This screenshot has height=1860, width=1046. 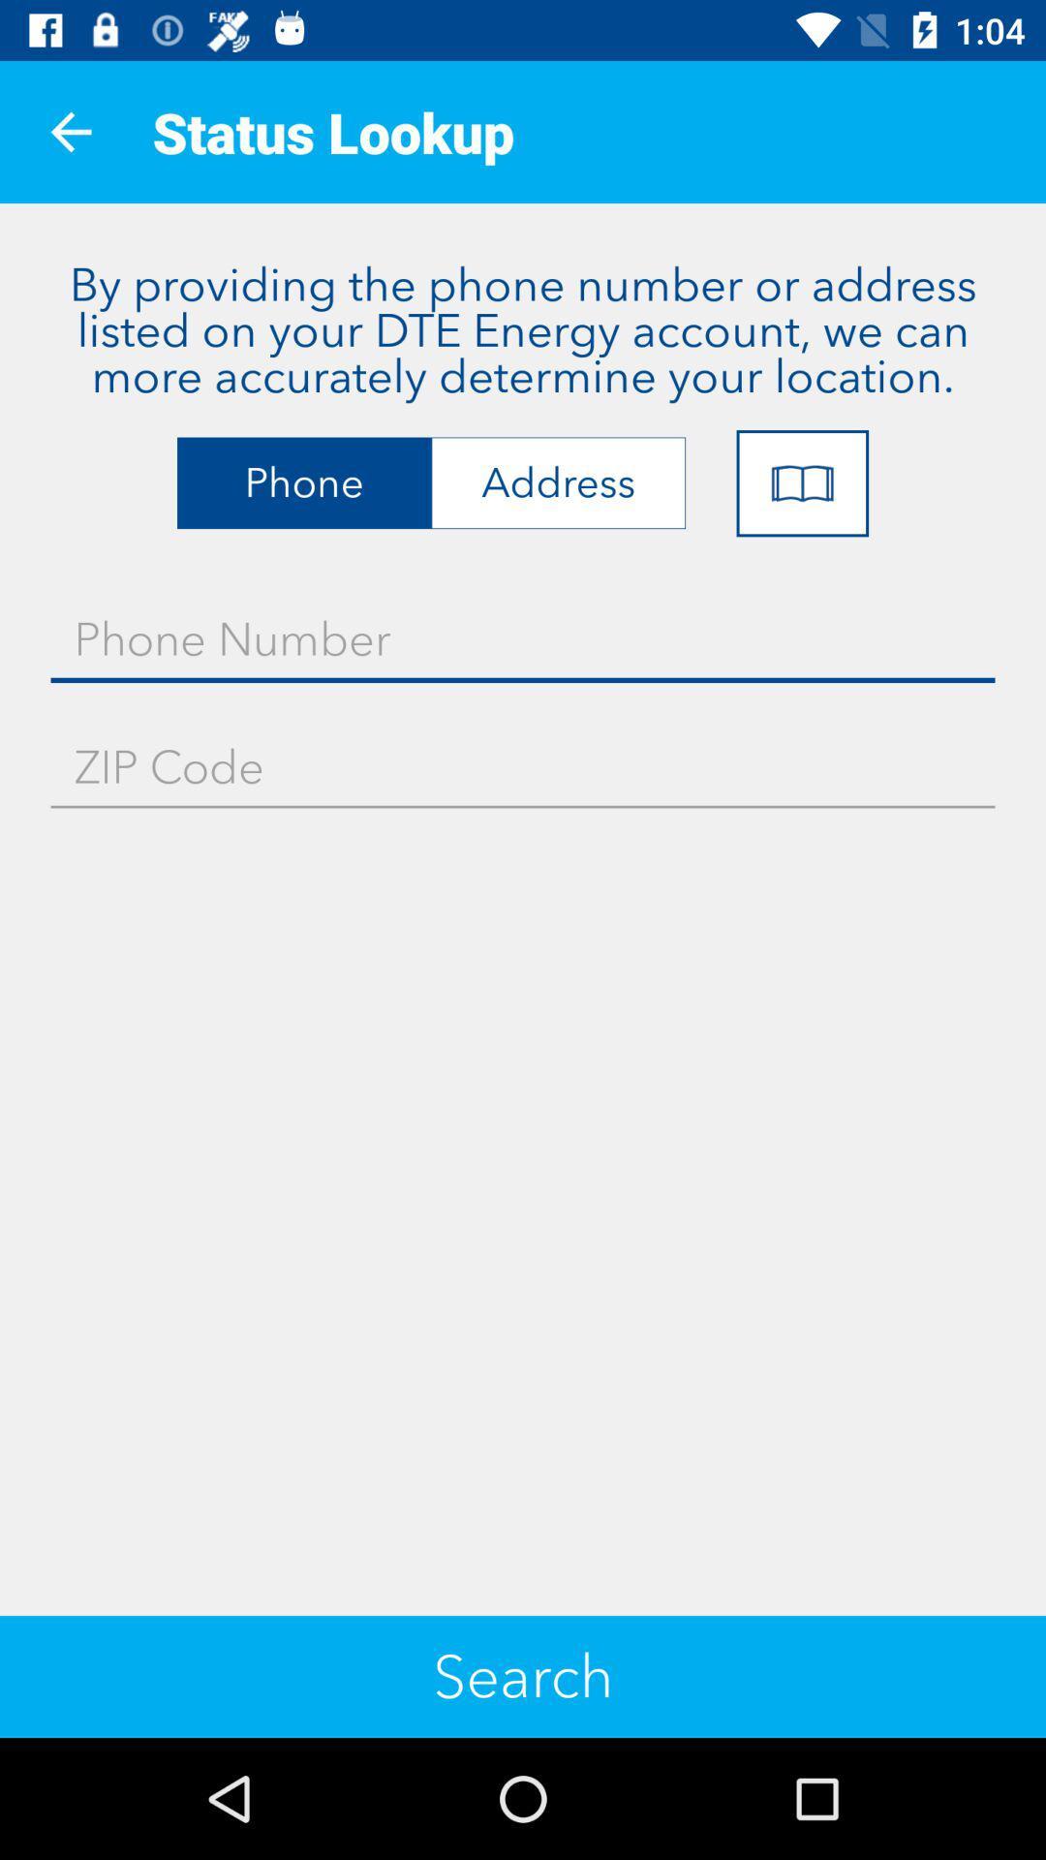 What do you see at coordinates (523, 766) in the screenshot?
I see `the item above search item` at bounding box center [523, 766].